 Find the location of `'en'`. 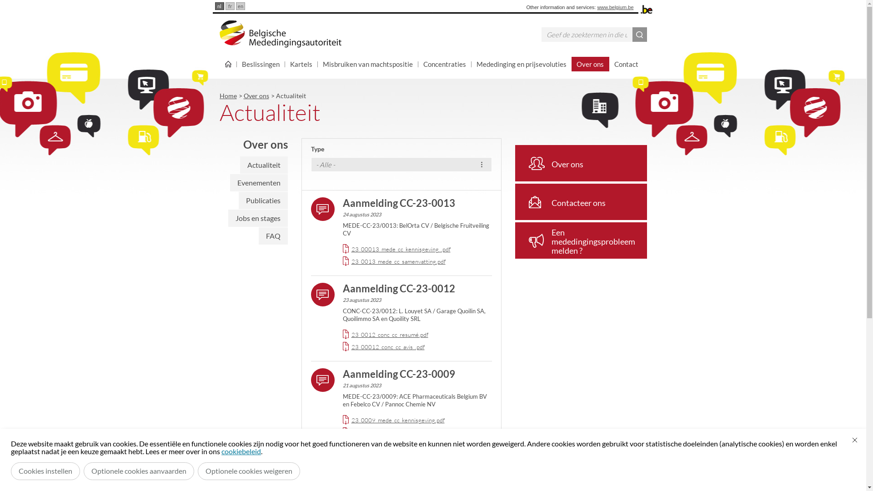

'en' is located at coordinates (240, 6).